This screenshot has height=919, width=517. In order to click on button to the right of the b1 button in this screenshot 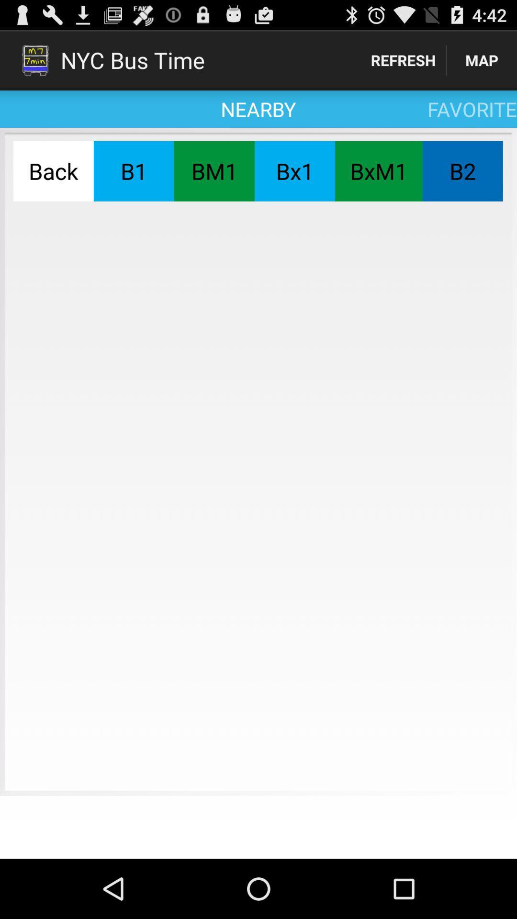, I will do `click(214, 171)`.